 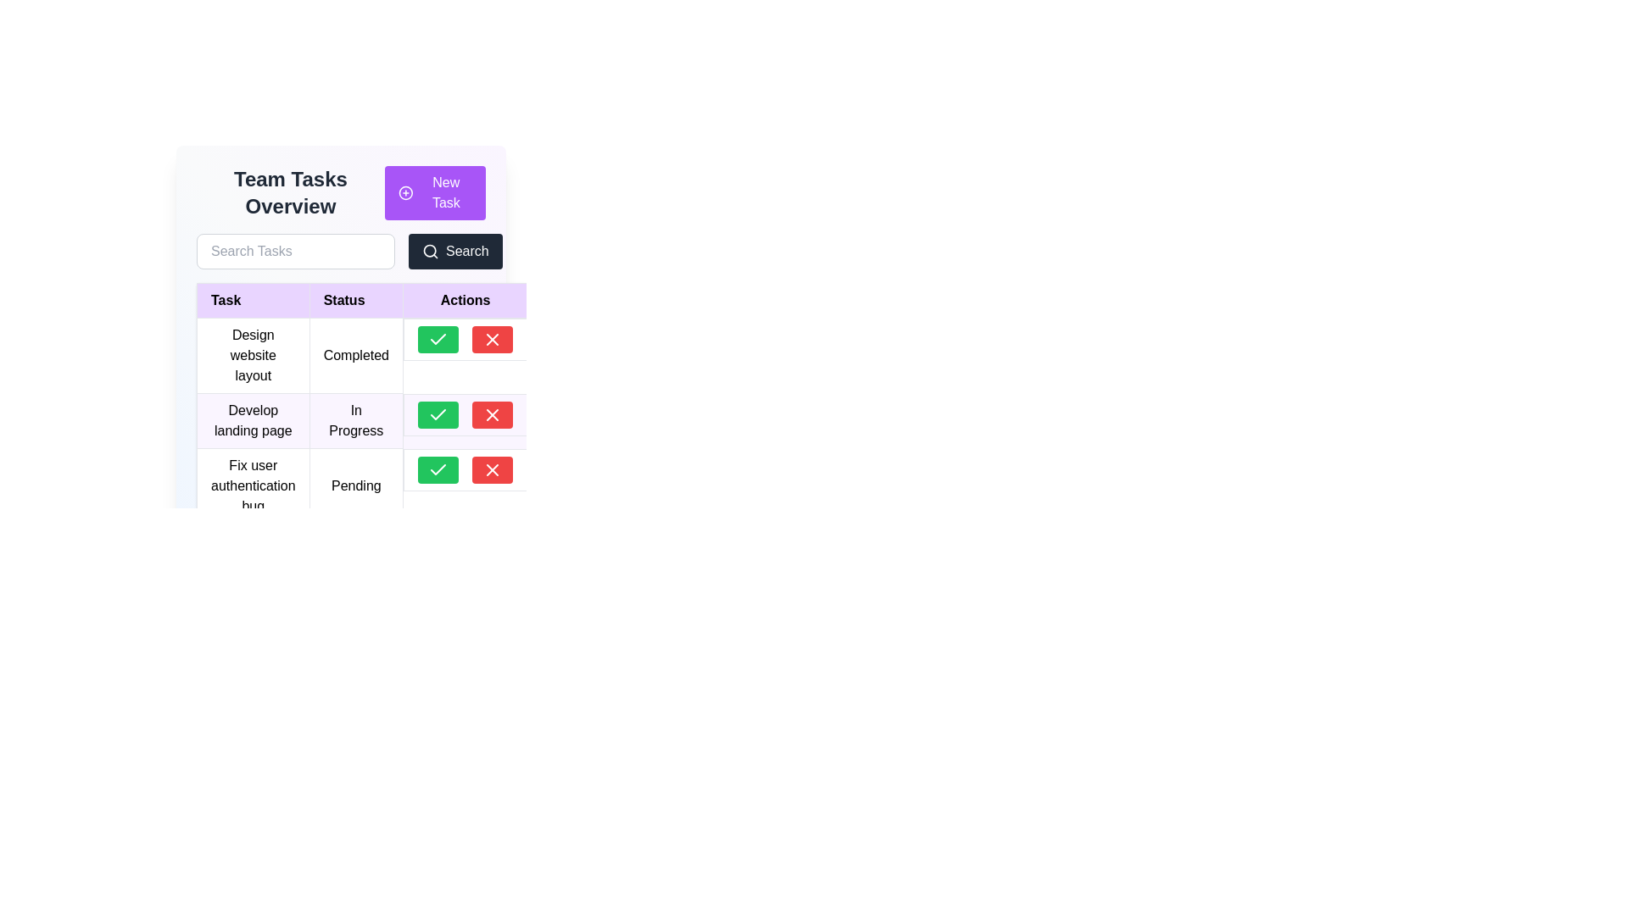 What do you see at coordinates (438, 414) in the screenshot?
I see `the checkmark icon in the second row of the table under the 'Actions' column` at bounding box center [438, 414].